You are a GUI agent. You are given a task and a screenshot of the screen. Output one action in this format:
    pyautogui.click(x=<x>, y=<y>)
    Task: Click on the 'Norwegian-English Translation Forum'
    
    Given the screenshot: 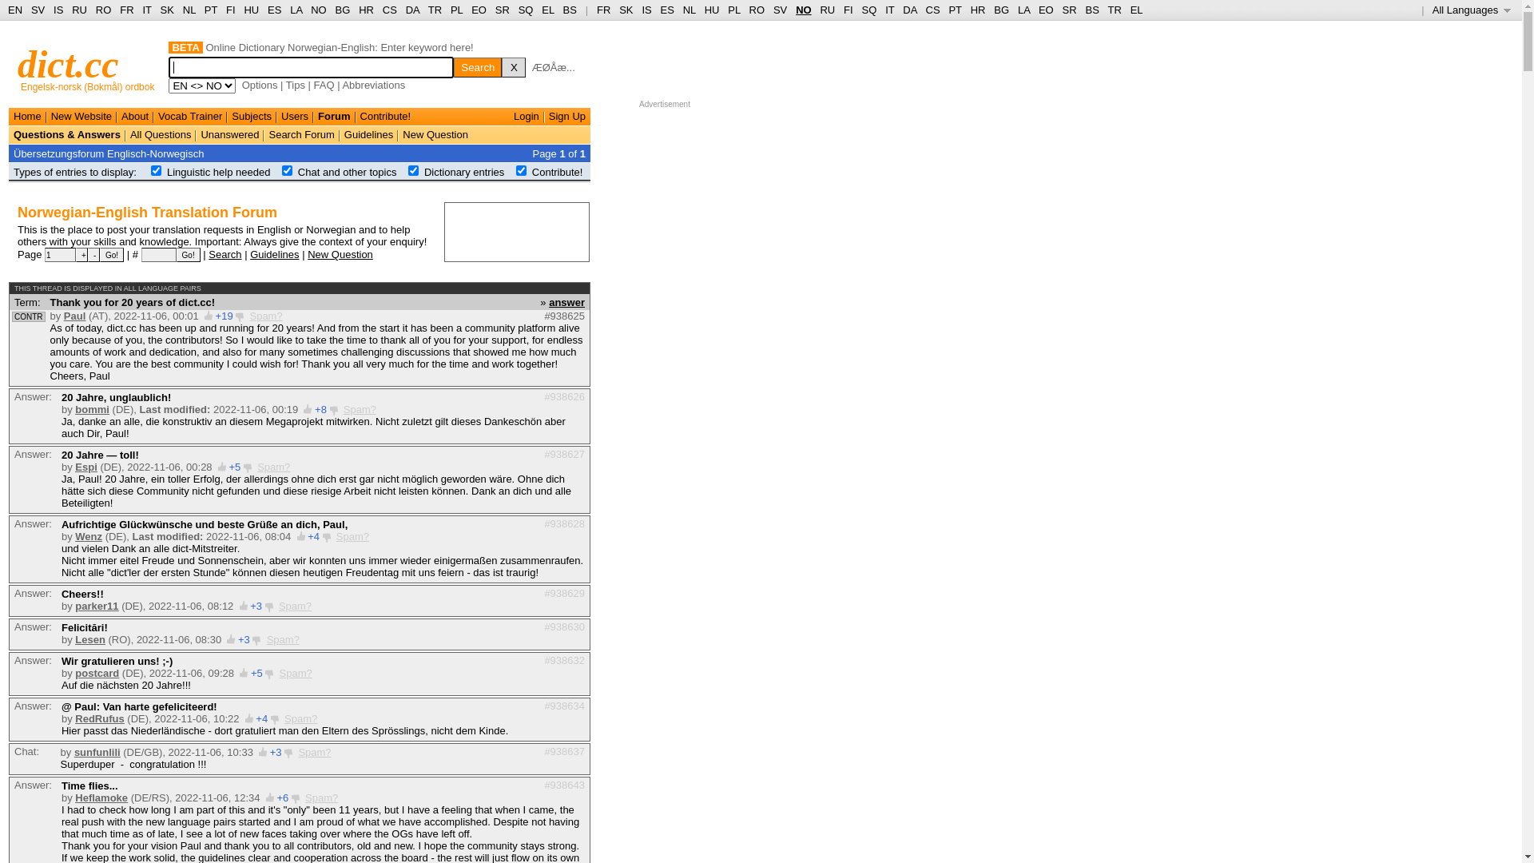 What is the action you would take?
    pyautogui.click(x=147, y=212)
    